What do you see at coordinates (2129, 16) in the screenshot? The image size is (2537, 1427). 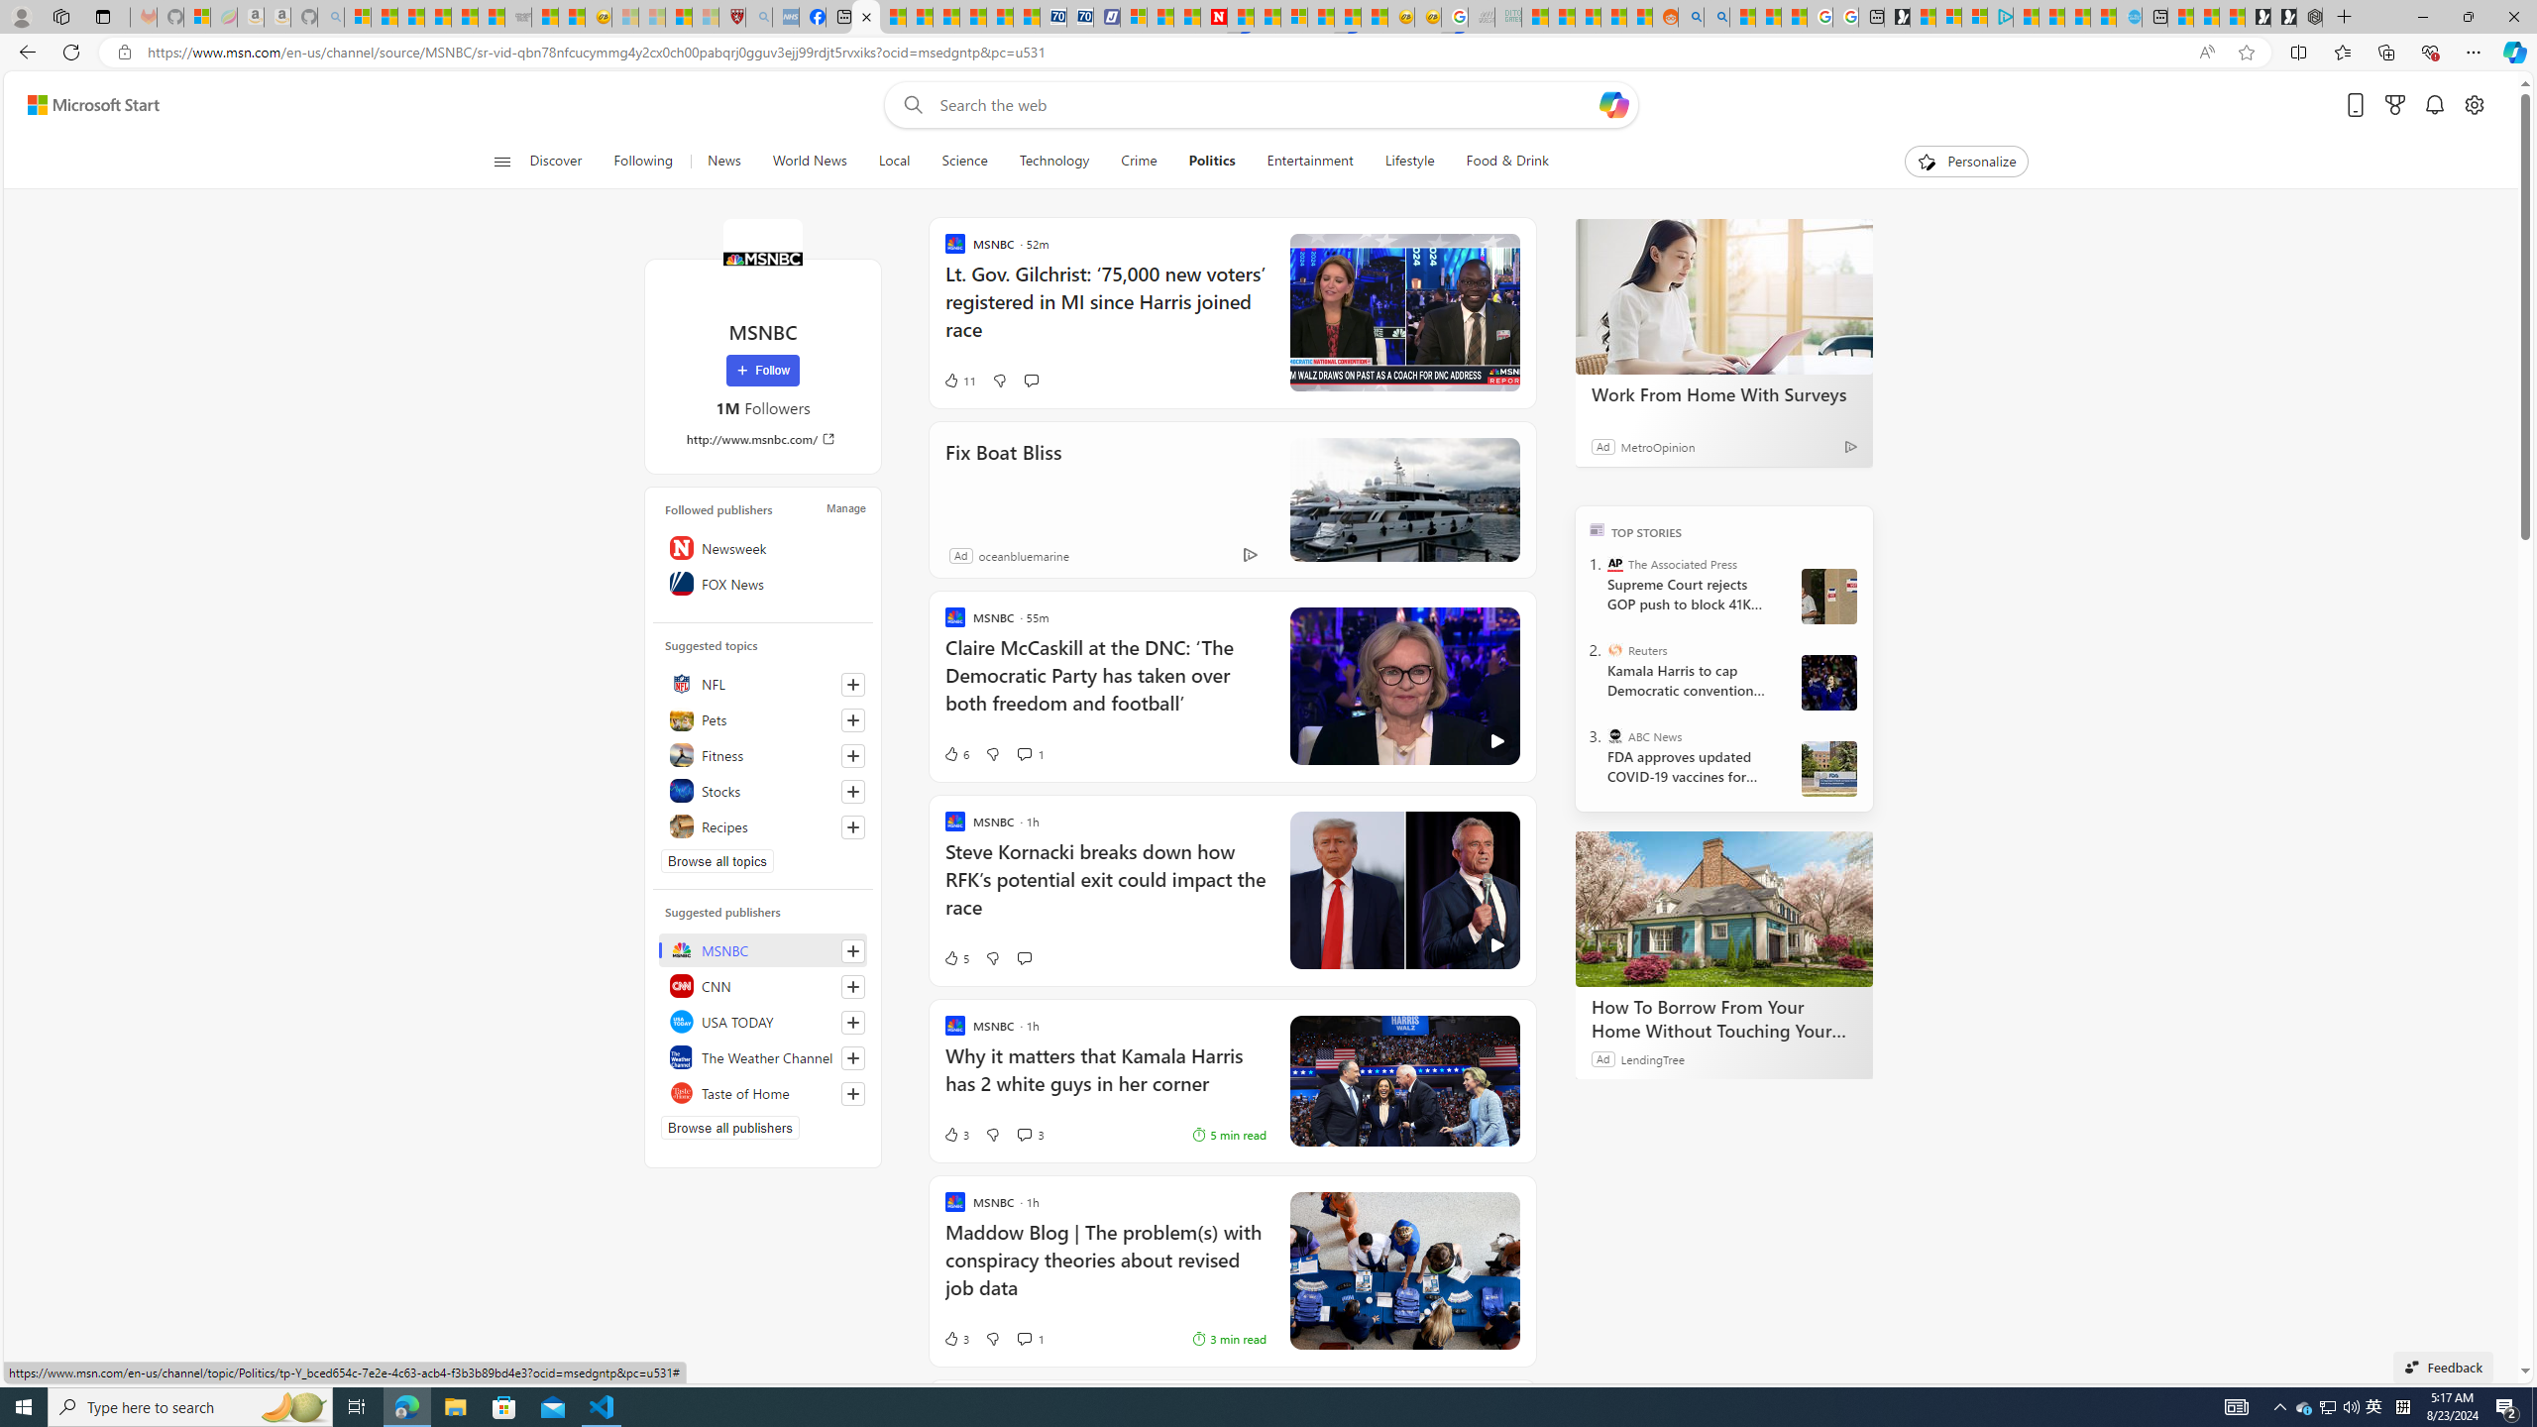 I see `'Home | Sky Blue Bikes - Sky Blue Bikes'` at bounding box center [2129, 16].